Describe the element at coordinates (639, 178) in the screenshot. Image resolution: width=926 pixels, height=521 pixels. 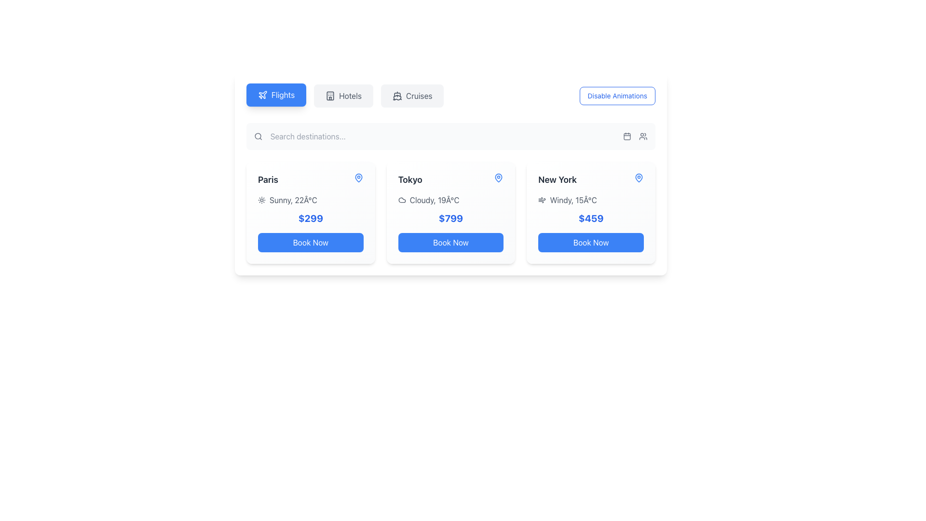
I see `the map pin icon located at the top-right corner of the 'New York' card for location-related features` at that location.